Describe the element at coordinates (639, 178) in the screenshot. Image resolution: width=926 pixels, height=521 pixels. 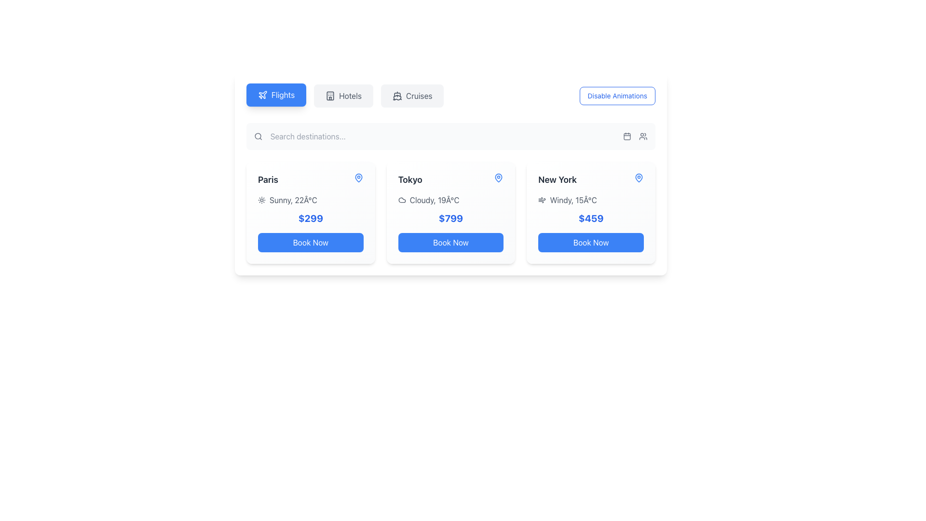
I see `the map pin icon located at the top-right corner of the 'New York' card for location-related features` at that location.